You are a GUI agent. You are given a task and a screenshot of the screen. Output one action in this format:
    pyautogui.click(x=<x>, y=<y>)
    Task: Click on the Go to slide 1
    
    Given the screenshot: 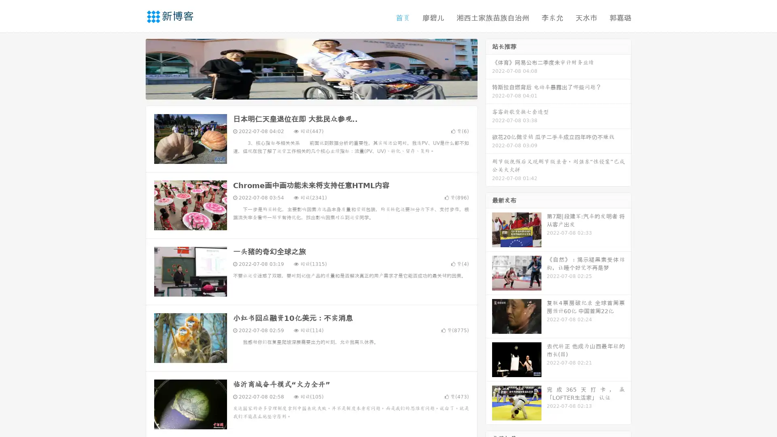 What is the action you would take?
    pyautogui.click(x=303, y=91)
    